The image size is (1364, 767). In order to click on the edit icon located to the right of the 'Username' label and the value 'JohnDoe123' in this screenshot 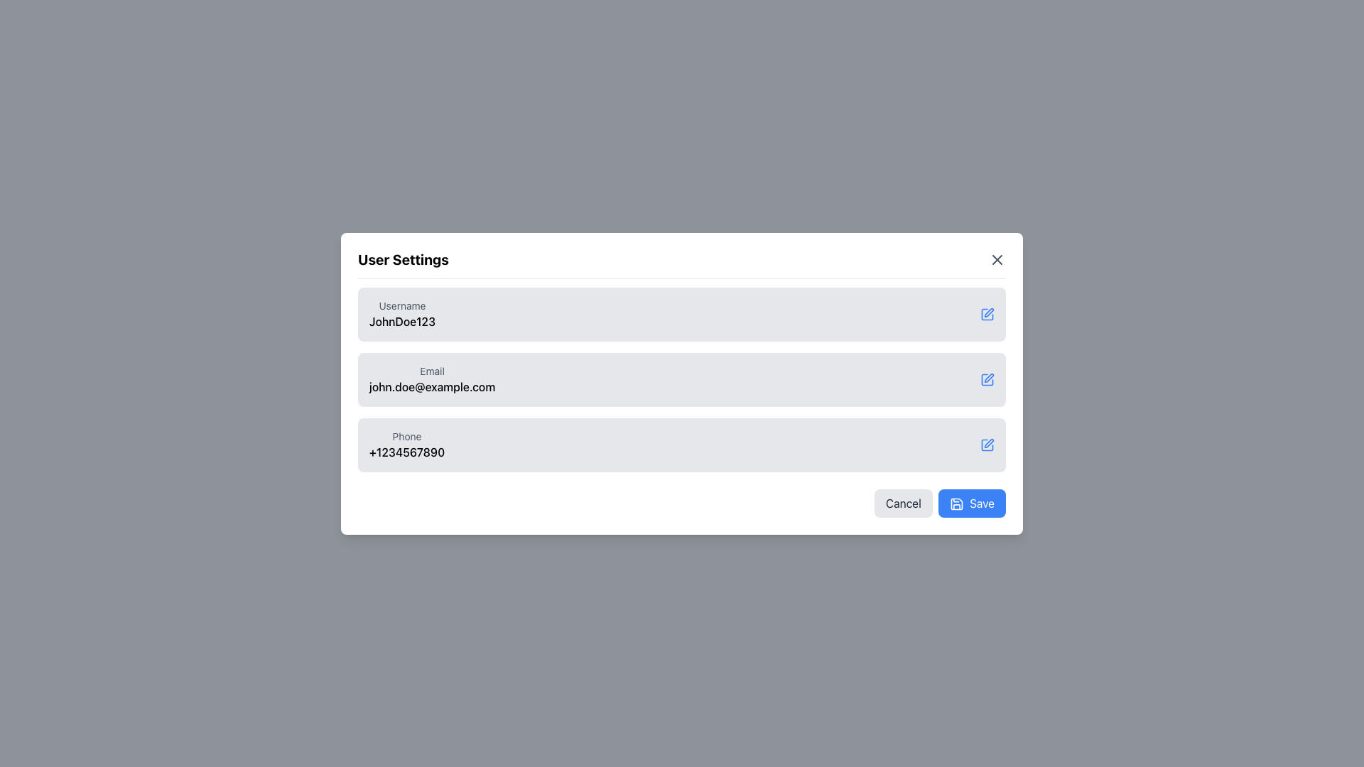, I will do `click(987, 313)`.